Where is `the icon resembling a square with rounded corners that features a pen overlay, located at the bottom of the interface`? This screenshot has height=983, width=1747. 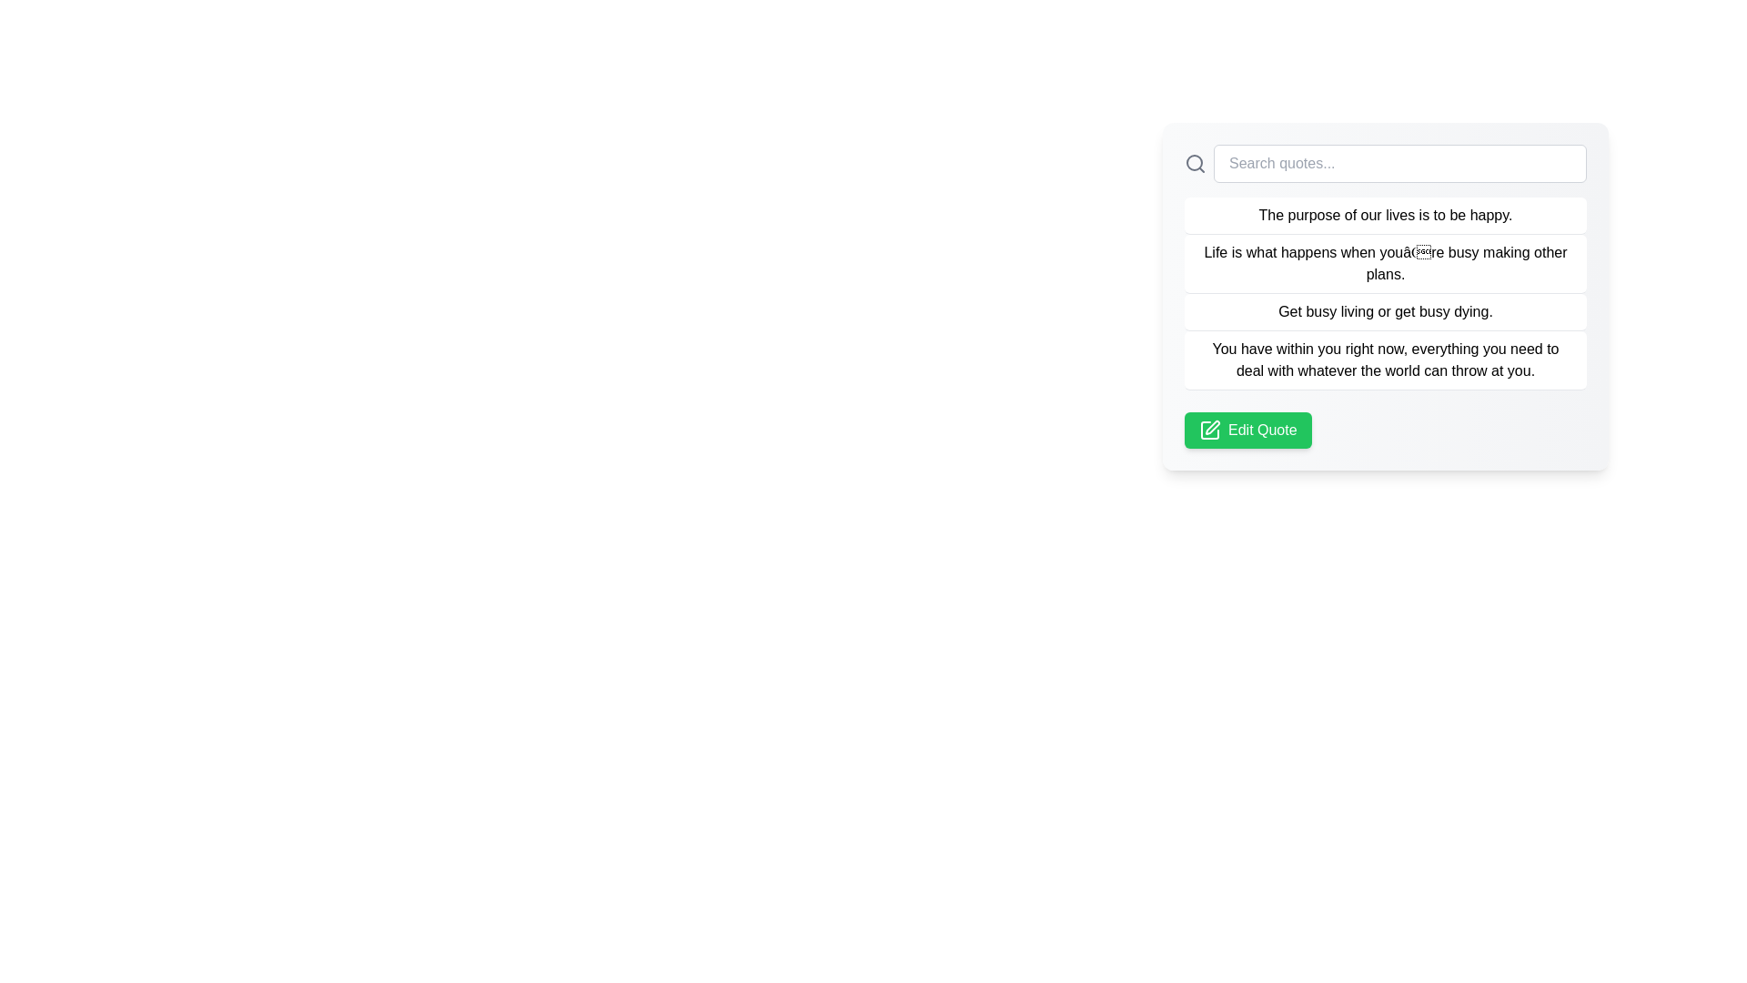 the icon resembling a square with rounded corners that features a pen overlay, located at the bottom of the interface is located at coordinates (1209, 431).